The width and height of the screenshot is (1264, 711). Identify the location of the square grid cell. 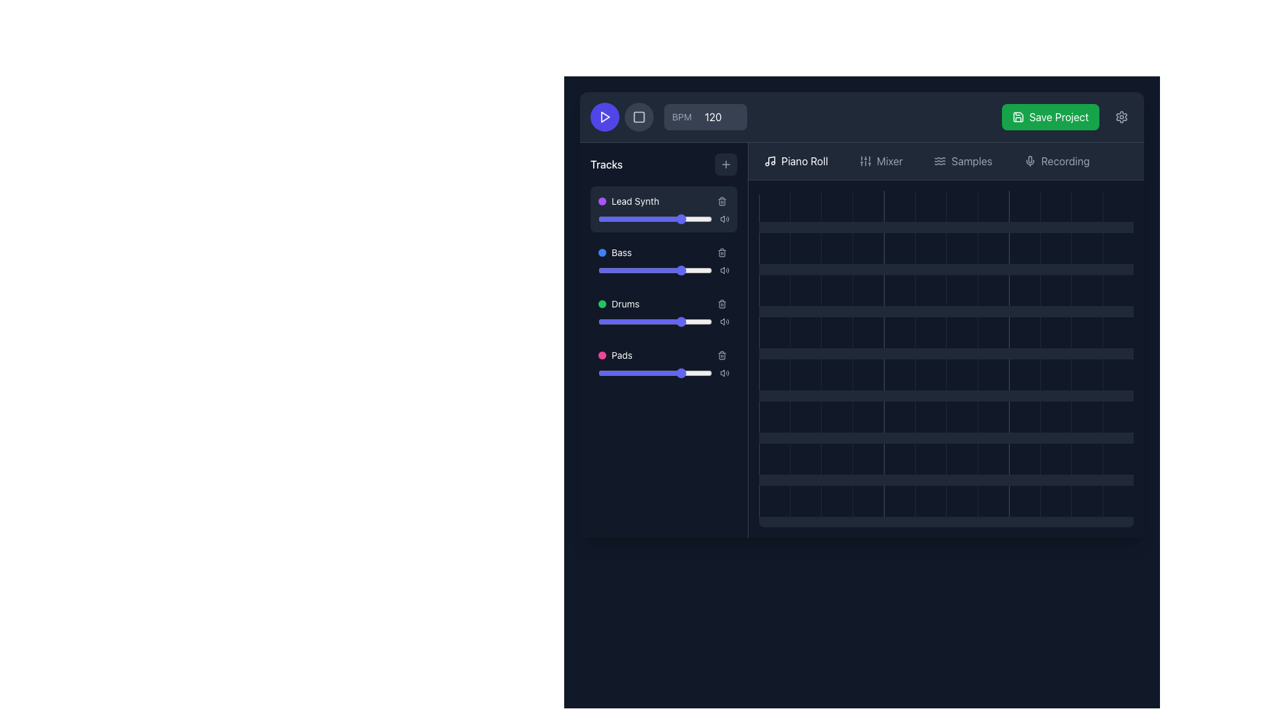
(836, 417).